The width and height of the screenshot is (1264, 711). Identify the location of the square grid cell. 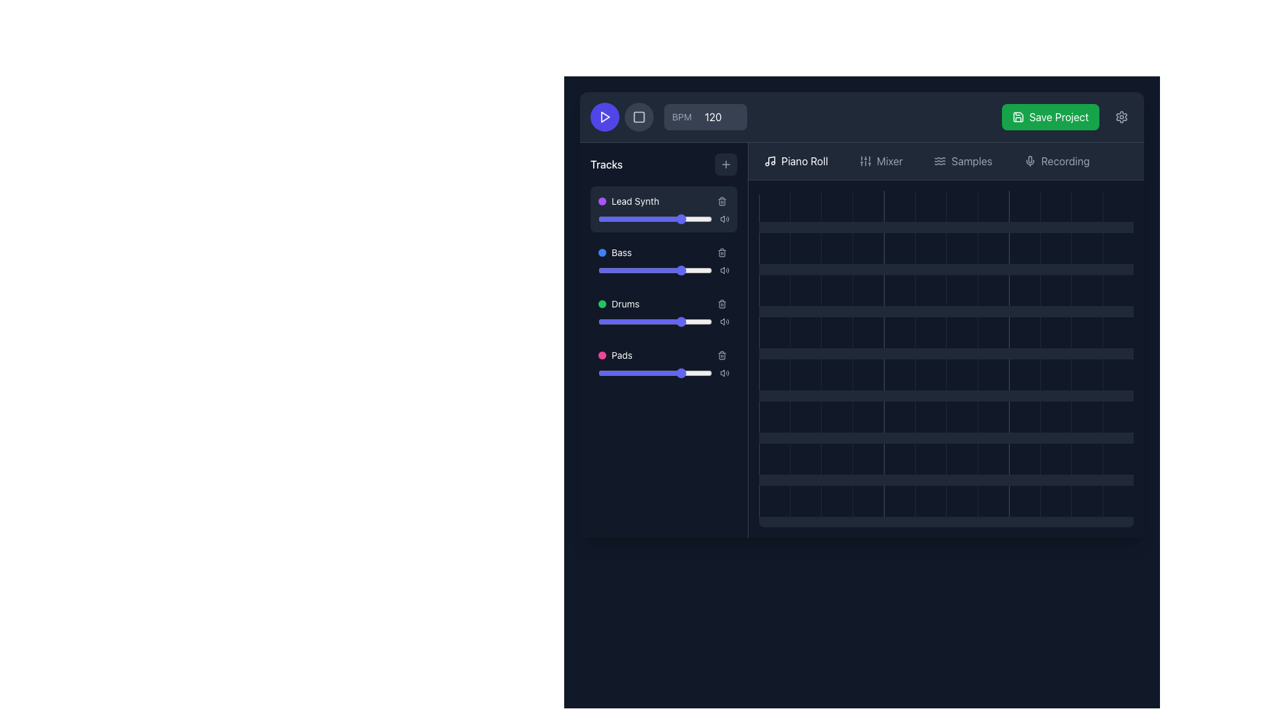
(836, 417).